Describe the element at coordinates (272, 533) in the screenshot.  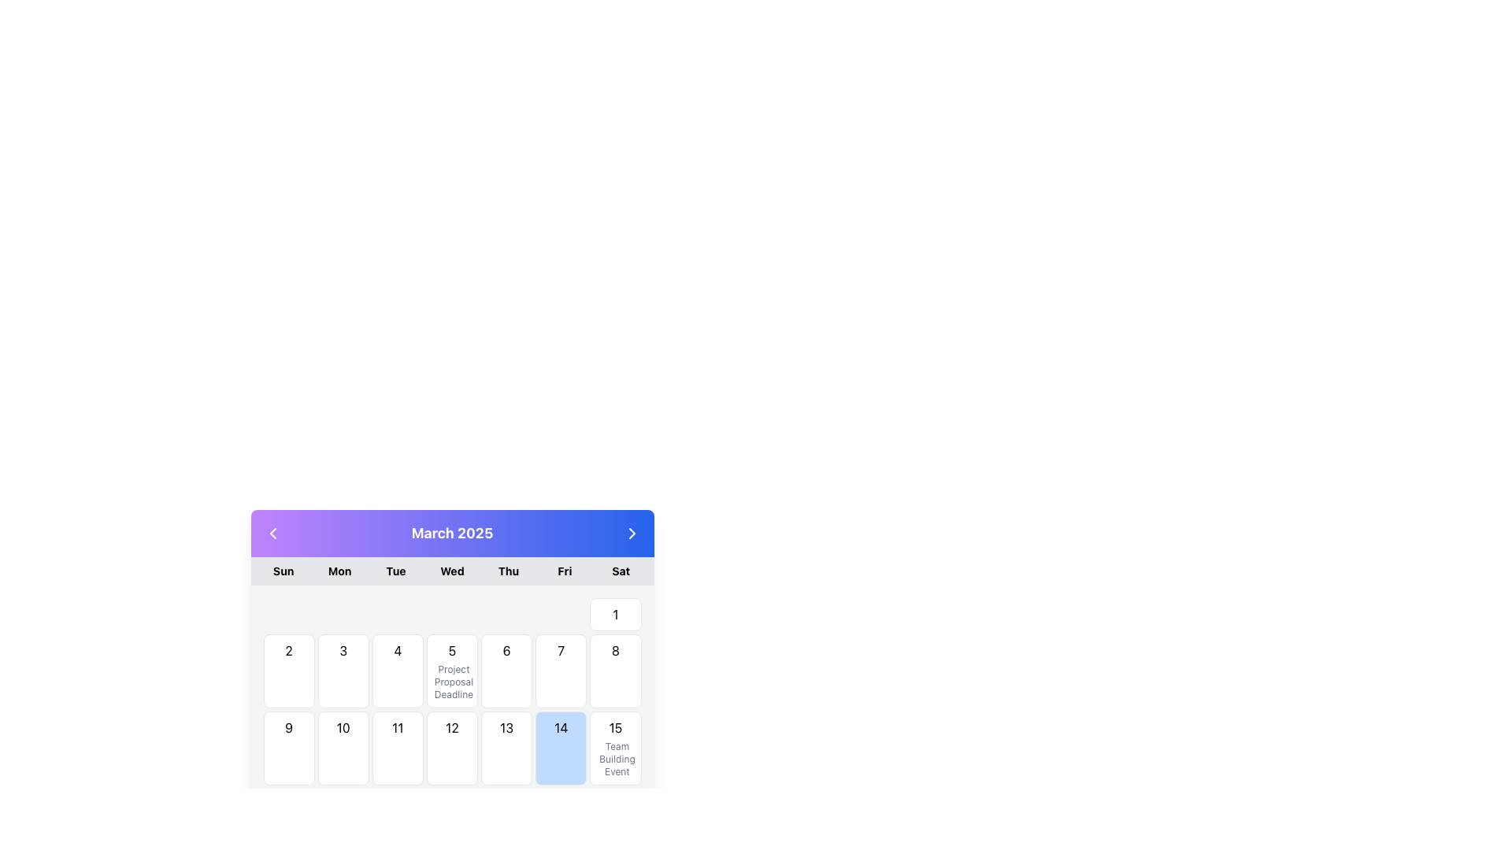
I see `the left-pointing chevron icon adjacent to the purple banner with the text 'March 2025' to receive the tooltip` at that location.